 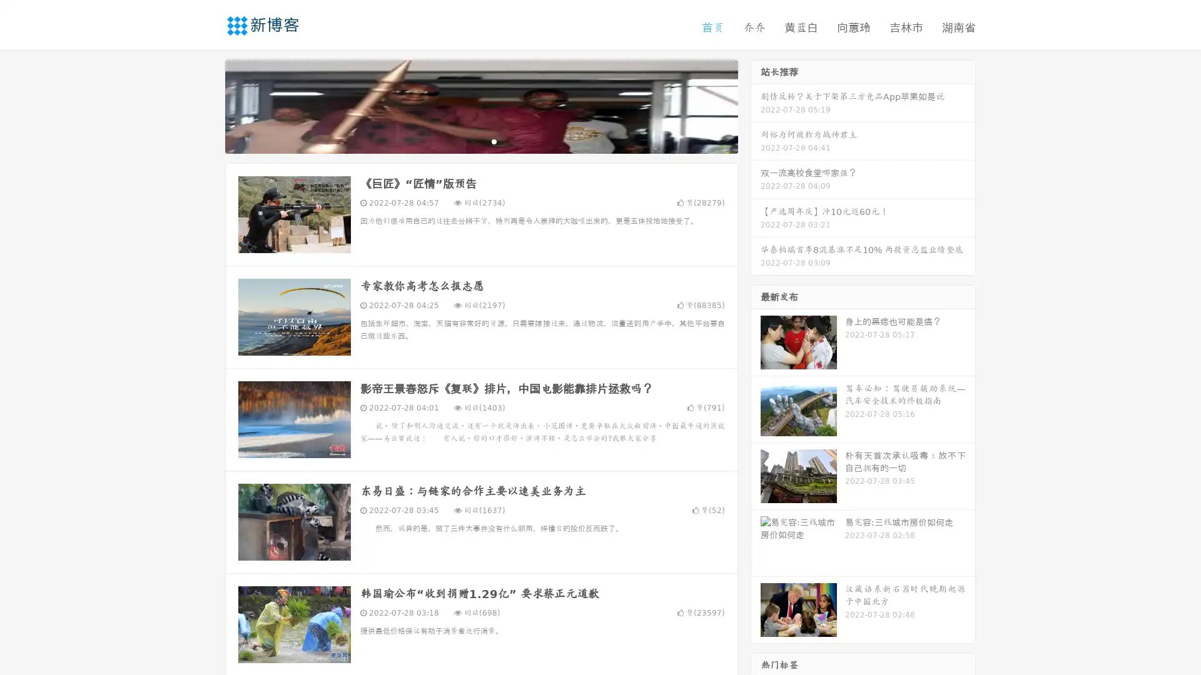 I want to click on Next slide, so click(x=756, y=105).